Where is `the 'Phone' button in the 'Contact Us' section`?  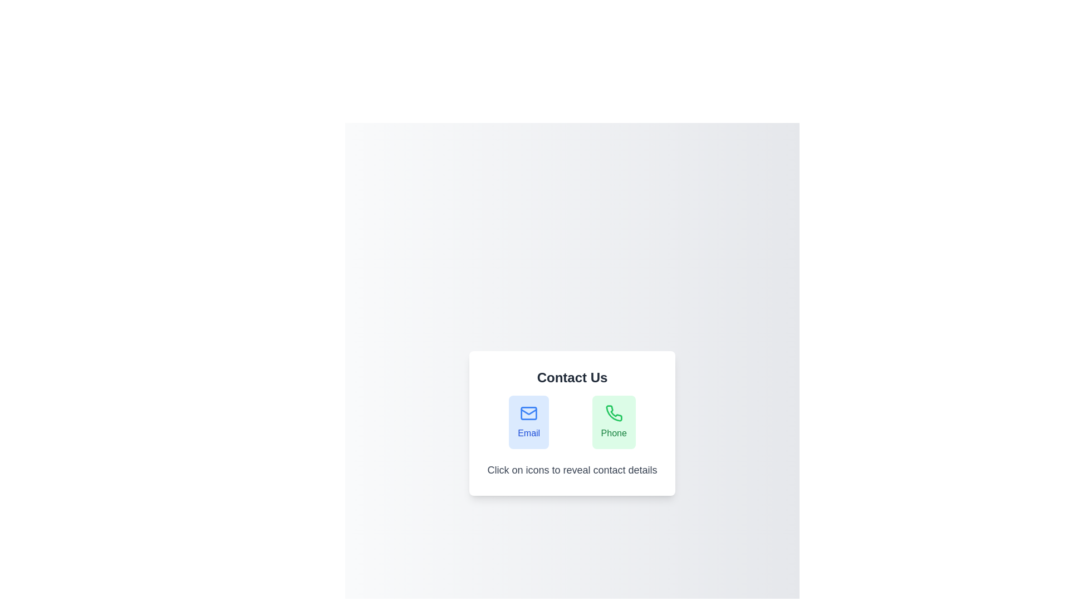 the 'Phone' button in the 'Contact Us' section is located at coordinates (613, 422).